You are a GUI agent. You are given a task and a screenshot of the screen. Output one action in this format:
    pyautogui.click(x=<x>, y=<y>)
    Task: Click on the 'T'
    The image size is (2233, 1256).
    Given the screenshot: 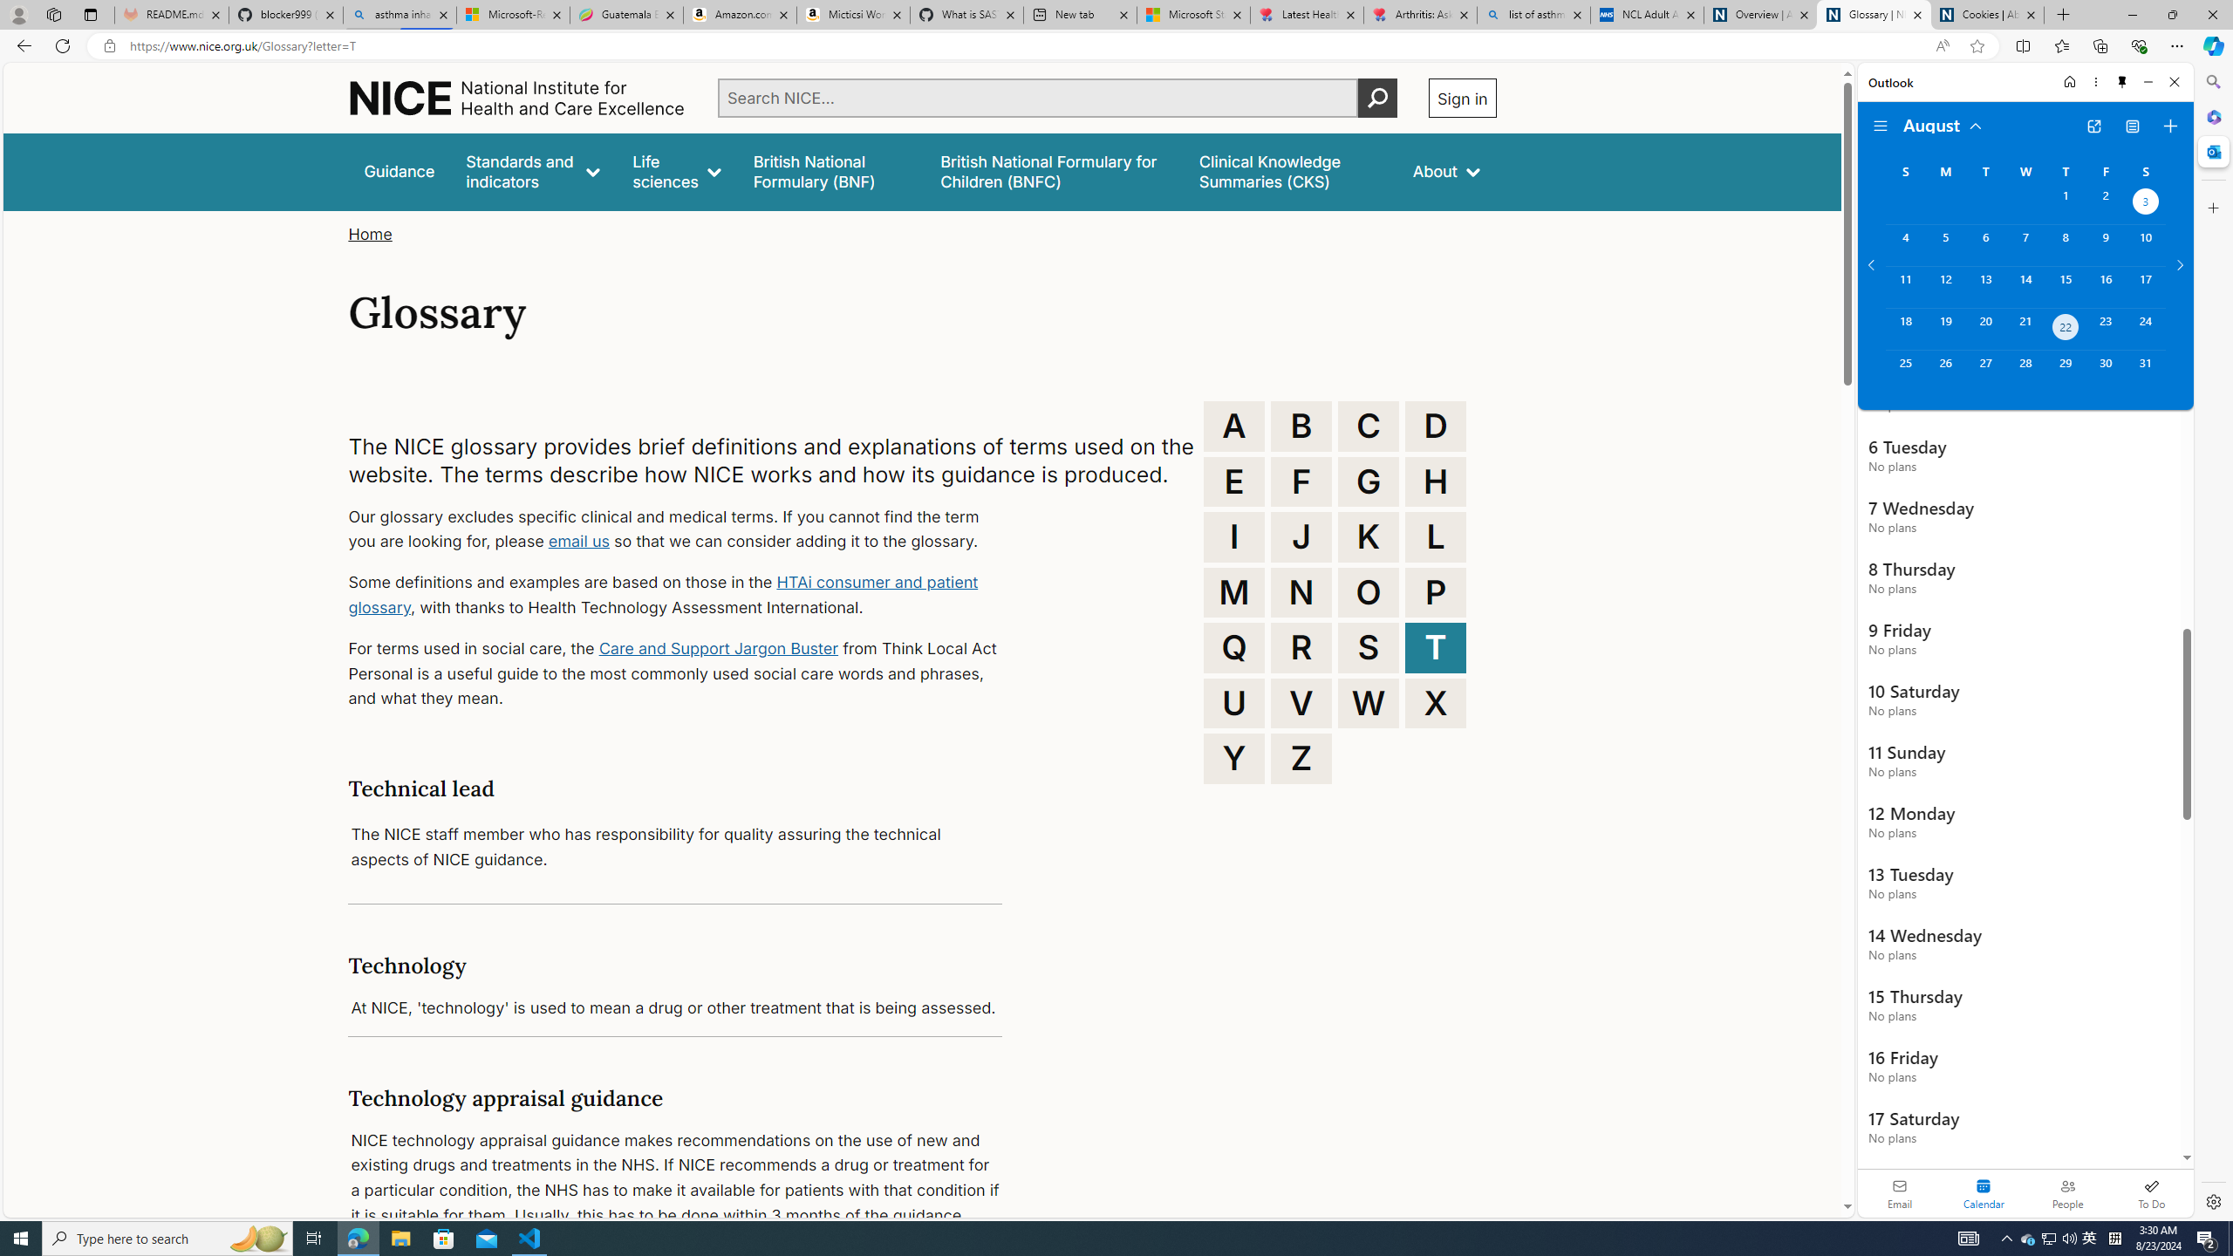 What is the action you would take?
    pyautogui.click(x=1436, y=647)
    